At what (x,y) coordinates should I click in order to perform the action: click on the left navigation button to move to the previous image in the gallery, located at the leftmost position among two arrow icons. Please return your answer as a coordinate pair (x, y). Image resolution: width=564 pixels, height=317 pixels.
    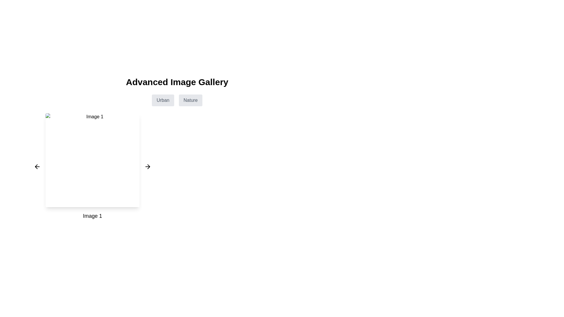
    Looking at the image, I should click on (37, 166).